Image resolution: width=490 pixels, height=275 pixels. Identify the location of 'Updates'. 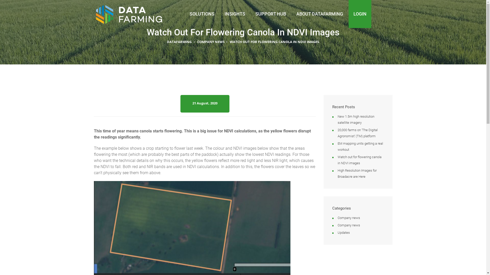
(343, 232).